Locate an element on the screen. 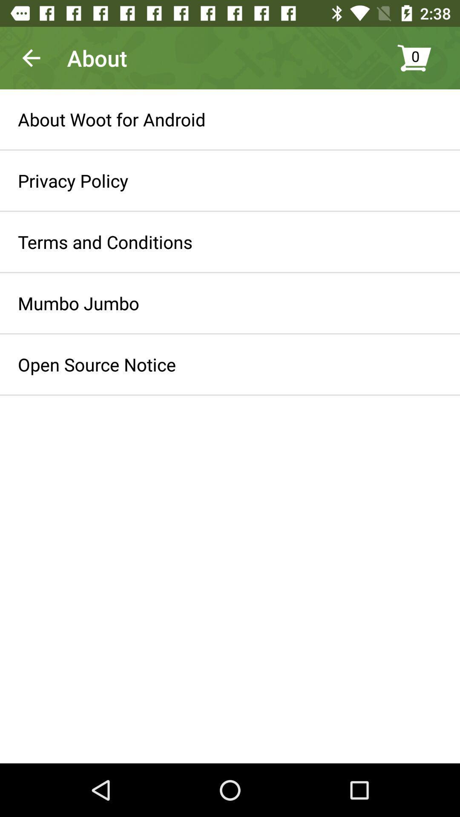  app next to the about app is located at coordinates (31, 57).